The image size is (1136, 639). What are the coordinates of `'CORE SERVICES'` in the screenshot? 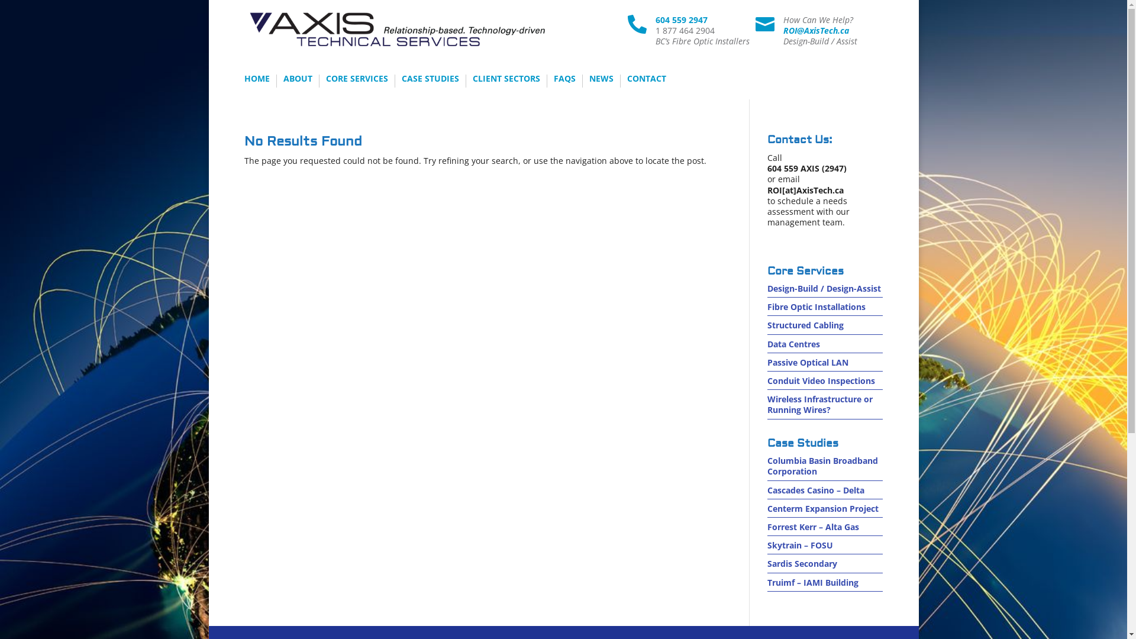 It's located at (356, 80).